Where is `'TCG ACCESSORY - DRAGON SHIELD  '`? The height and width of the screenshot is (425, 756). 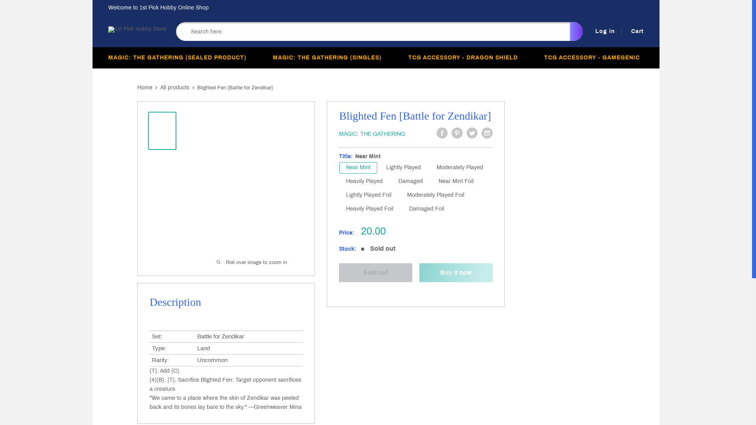 'TCG ACCESSORY - DRAGON SHIELD  ' is located at coordinates (465, 57).